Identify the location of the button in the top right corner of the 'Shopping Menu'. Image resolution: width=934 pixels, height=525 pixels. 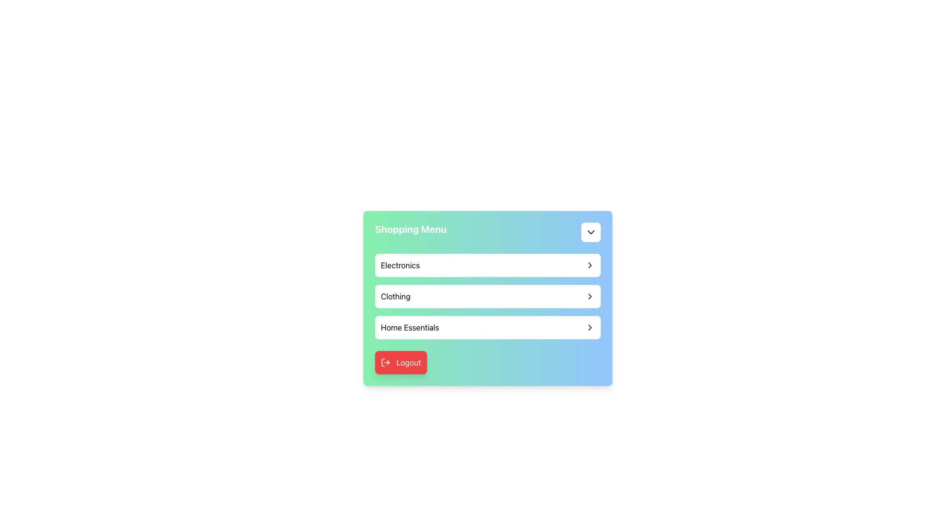
(590, 232).